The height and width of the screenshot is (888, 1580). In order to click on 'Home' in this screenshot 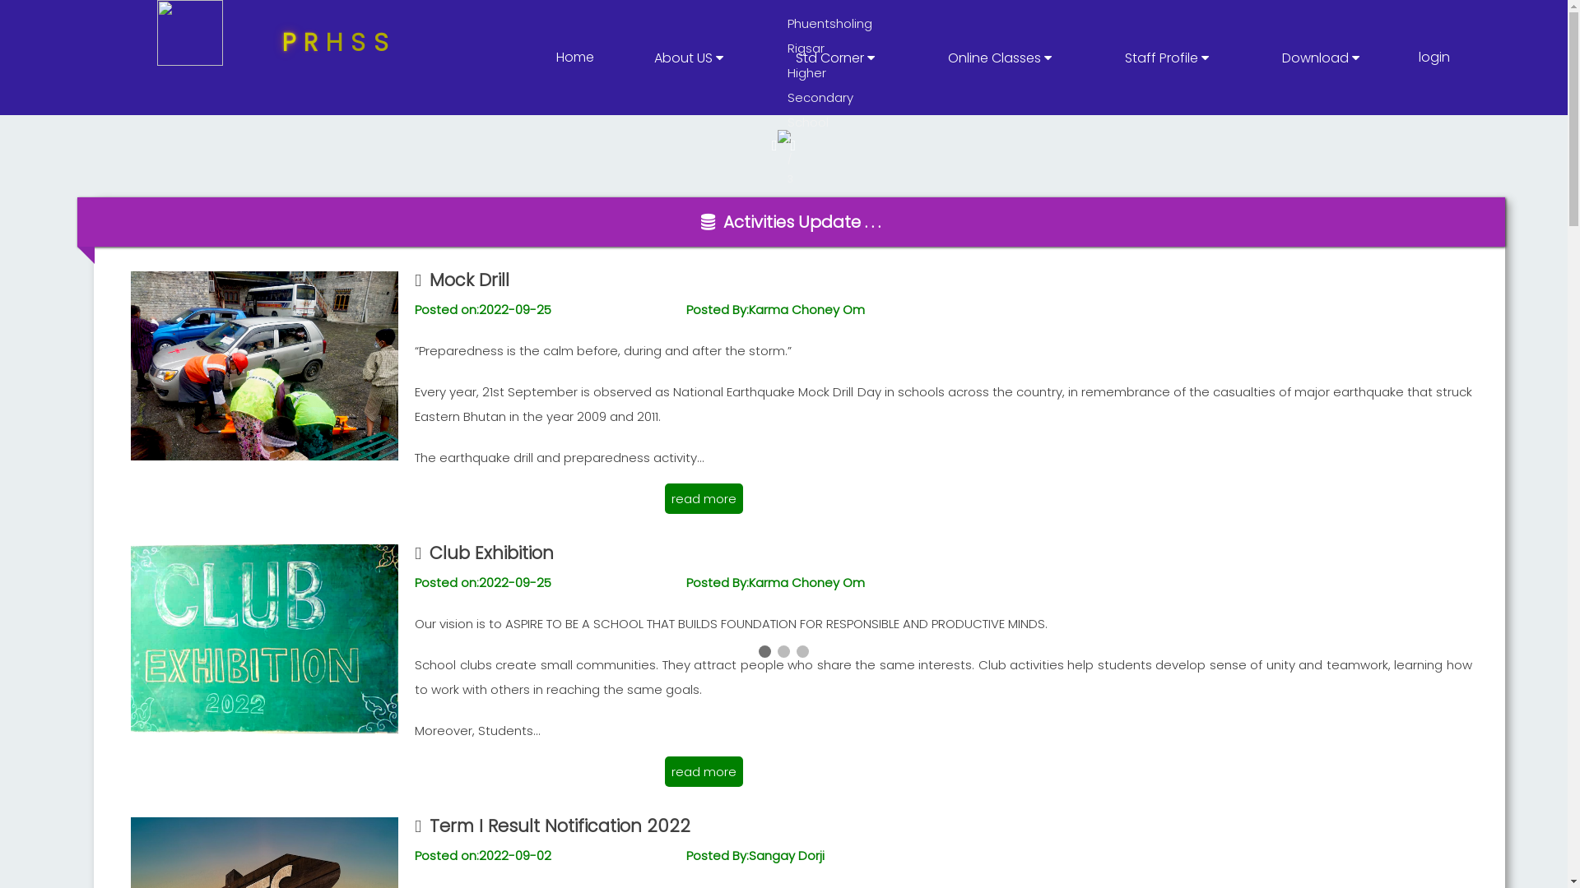, I will do `click(575, 56)`.